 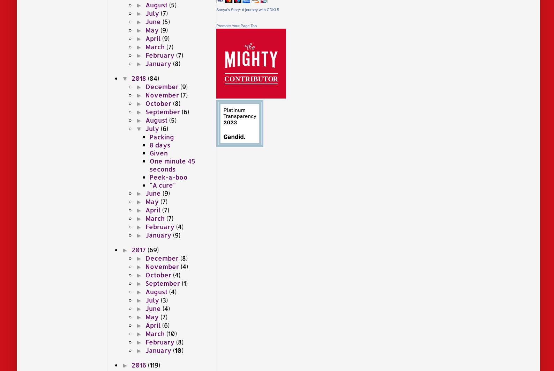 What do you see at coordinates (152, 249) in the screenshot?
I see `'(69)'` at bounding box center [152, 249].